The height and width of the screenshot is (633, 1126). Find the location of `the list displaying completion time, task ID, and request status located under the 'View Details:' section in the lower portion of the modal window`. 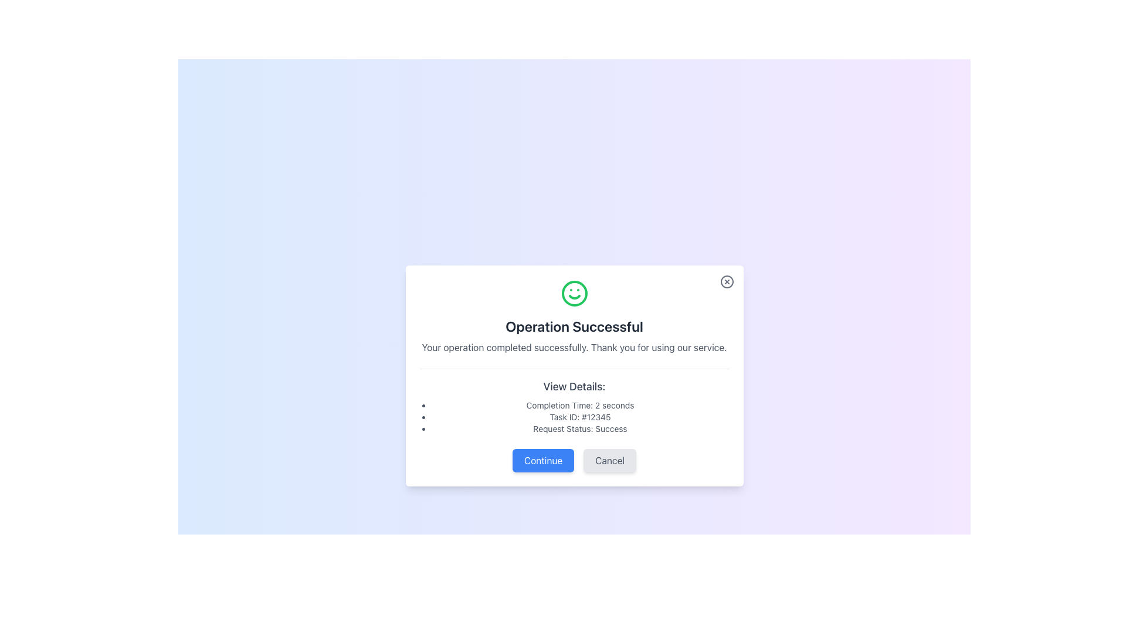

the list displaying completion time, task ID, and request status located under the 'View Details:' section in the lower portion of the modal window is located at coordinates (574, 416).